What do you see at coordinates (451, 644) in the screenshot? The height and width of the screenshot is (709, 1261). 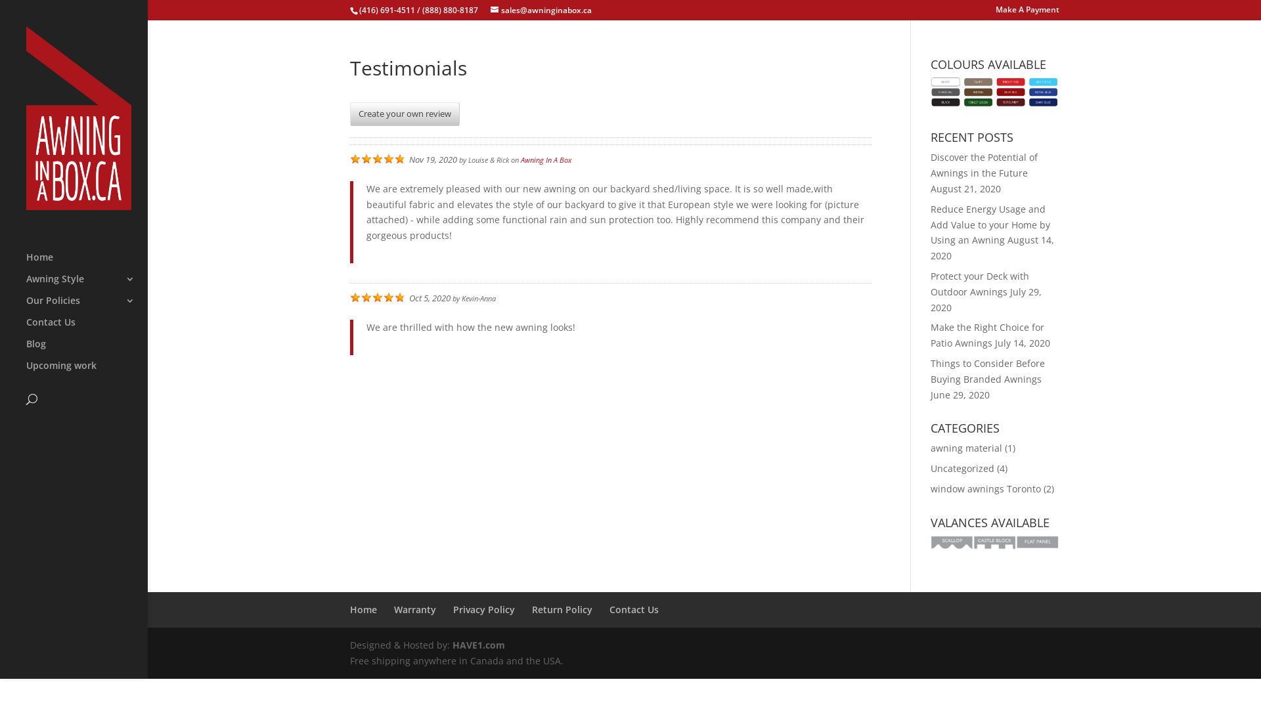 I see `'HAVE1.com'` at bounding box center [451, 644].